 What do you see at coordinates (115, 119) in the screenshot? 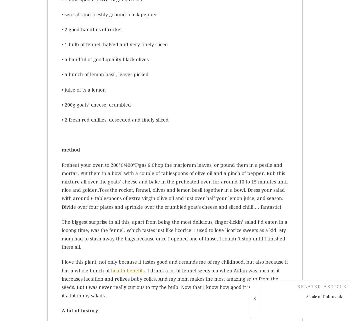
I see `'• 2 fresh red chillies, deseeded and finely sliced'` at bounding box center [115, 119].